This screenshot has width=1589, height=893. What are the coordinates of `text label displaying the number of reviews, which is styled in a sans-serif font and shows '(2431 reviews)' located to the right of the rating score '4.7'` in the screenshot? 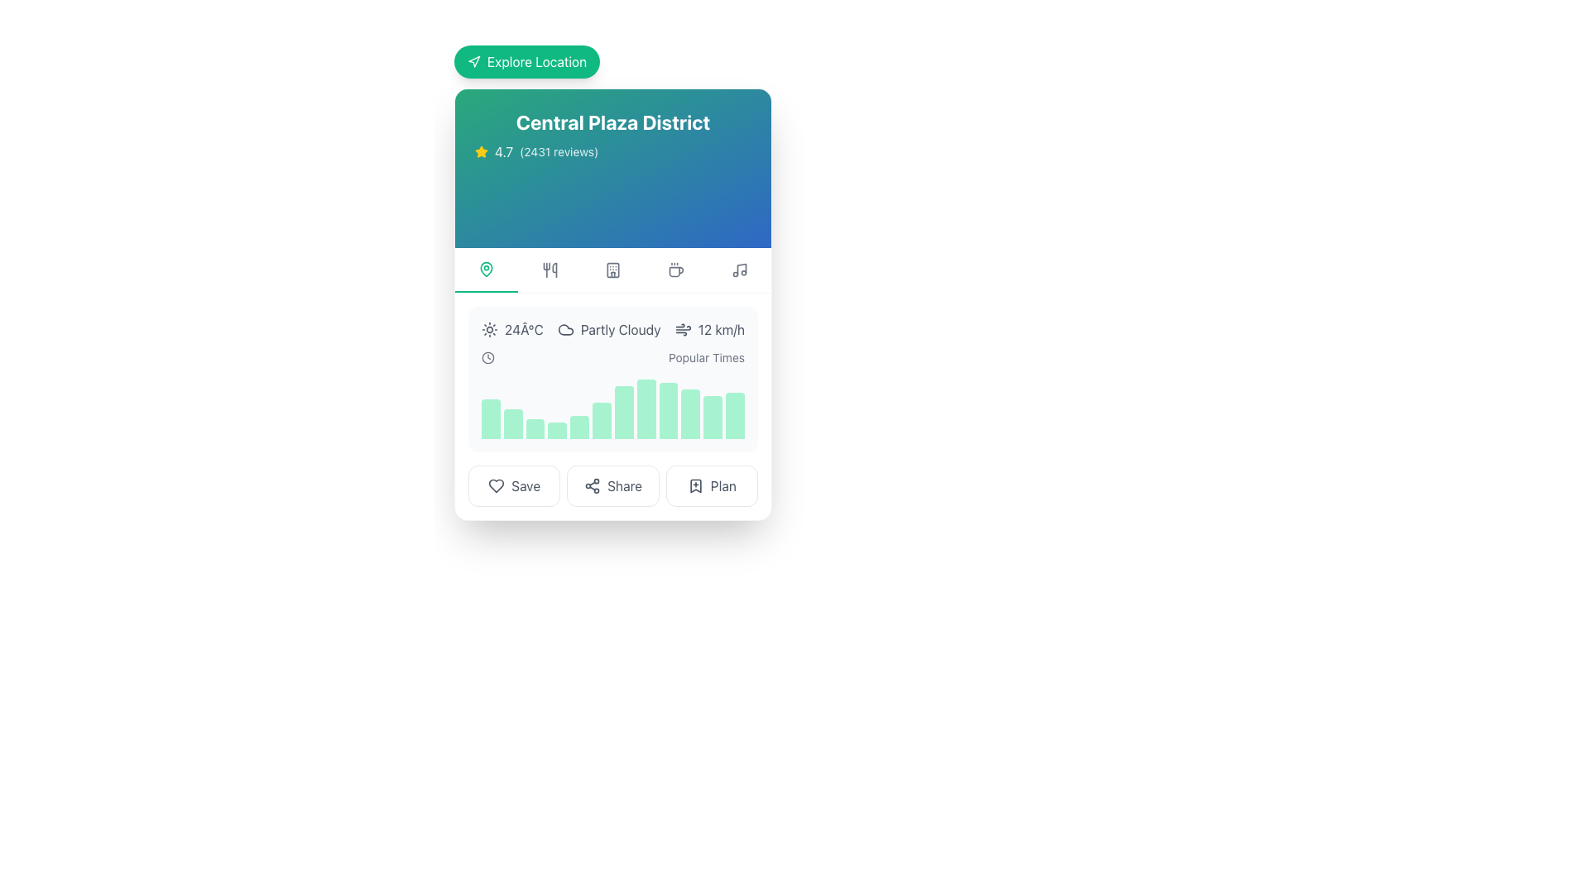 It's located at (559, 152).